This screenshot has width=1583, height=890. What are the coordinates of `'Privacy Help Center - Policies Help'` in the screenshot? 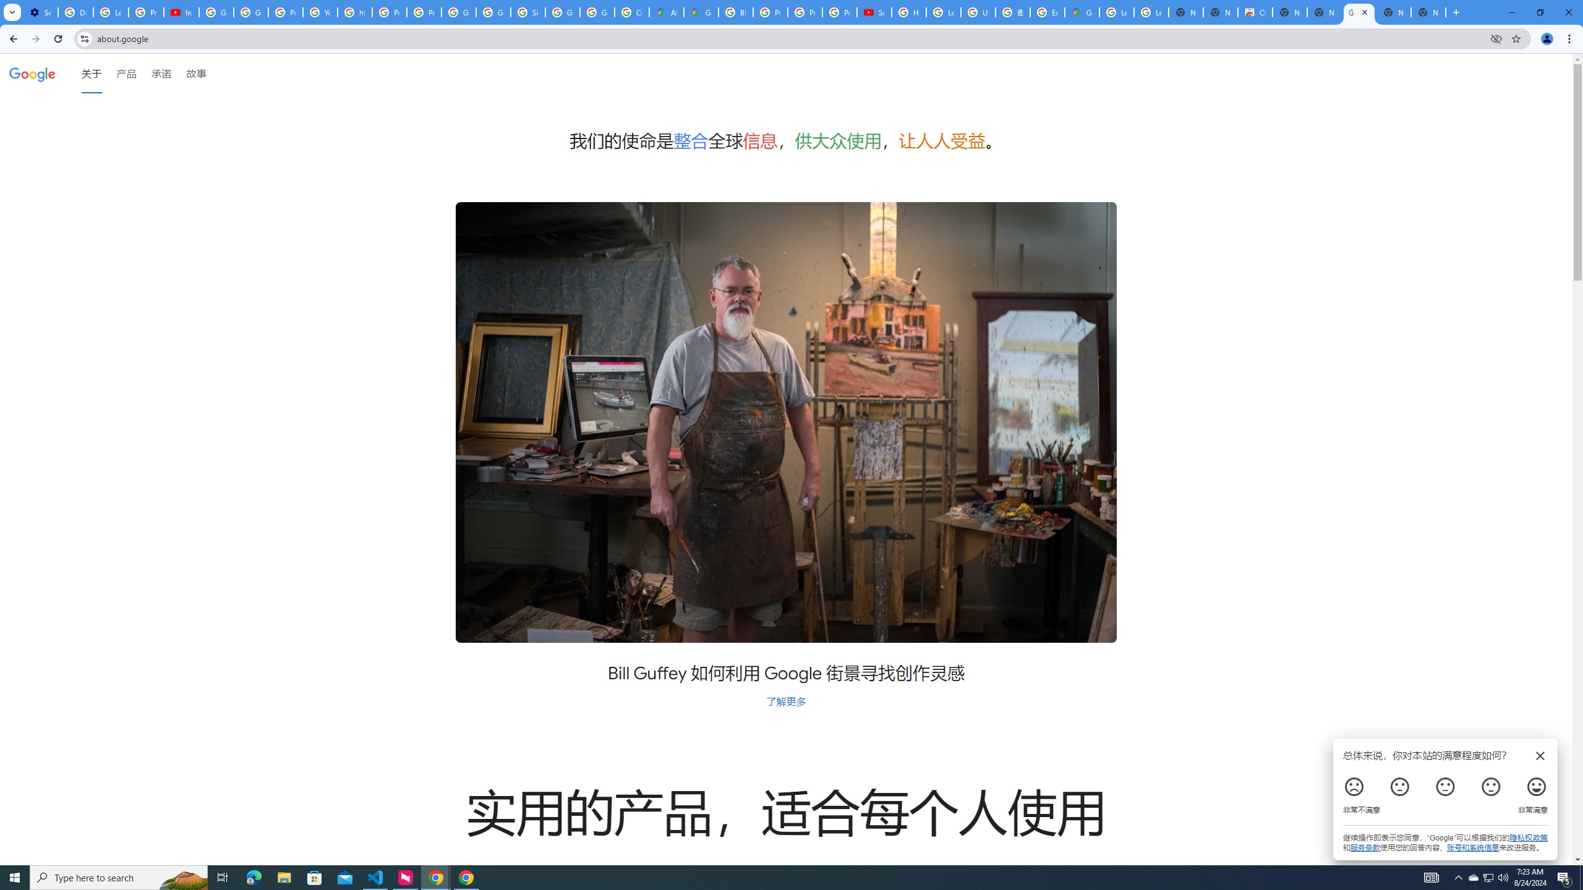 It's located at (769, 12).